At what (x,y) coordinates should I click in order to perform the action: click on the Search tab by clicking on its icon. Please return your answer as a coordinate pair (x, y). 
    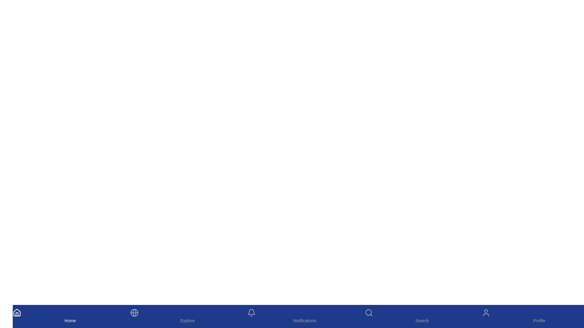
    Looking at the image, I should click on (422, 316).